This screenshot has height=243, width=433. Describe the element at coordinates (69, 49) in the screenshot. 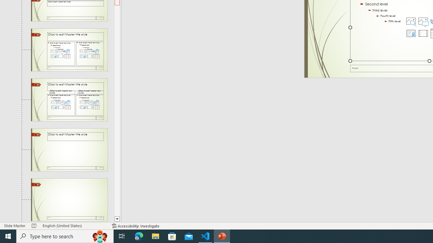

I see `'Slide Two Content Layout: used by no slides'` at that location.